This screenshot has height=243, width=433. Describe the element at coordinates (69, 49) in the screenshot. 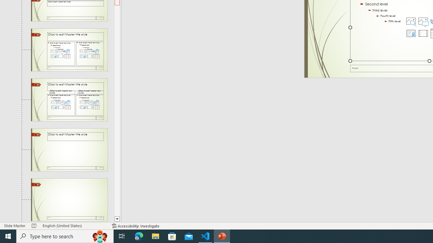

I see `'Slide Two Content Layout: used by no slides'` at that location.